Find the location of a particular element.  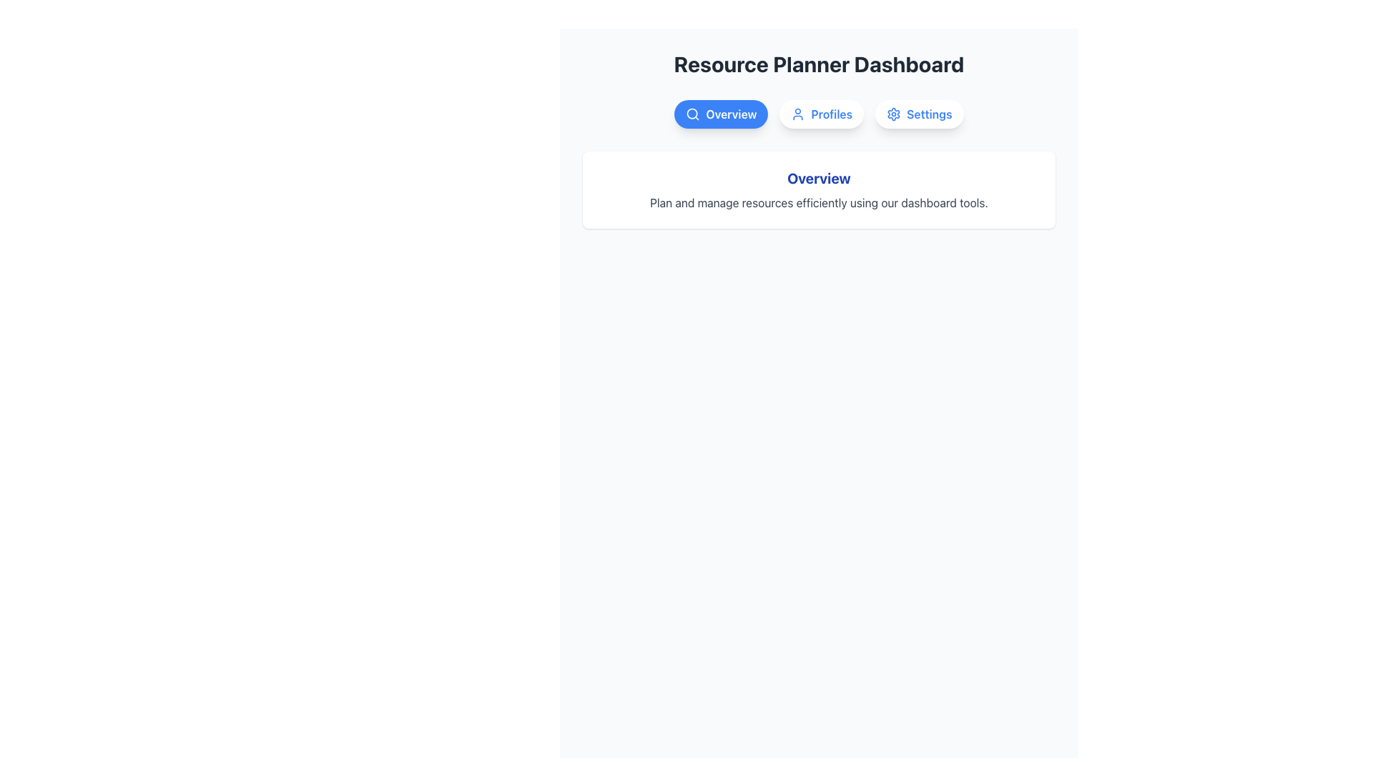

the user profile icon located at the top center of the interface, which is part of a button labeled 'Profiles' positioned between 'Overview' and 'Settings' is located at coordinates (797, 113).